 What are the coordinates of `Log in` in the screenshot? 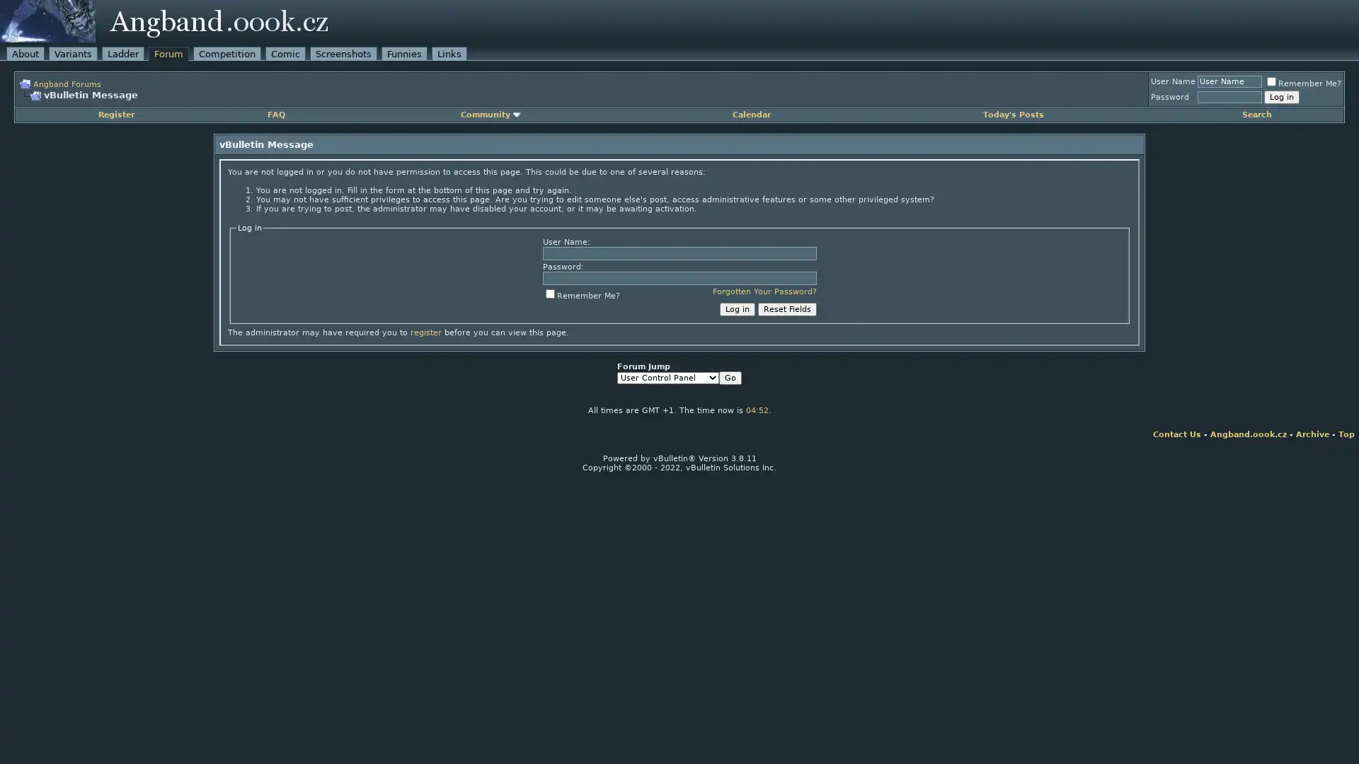 It's located at (1281, 96).